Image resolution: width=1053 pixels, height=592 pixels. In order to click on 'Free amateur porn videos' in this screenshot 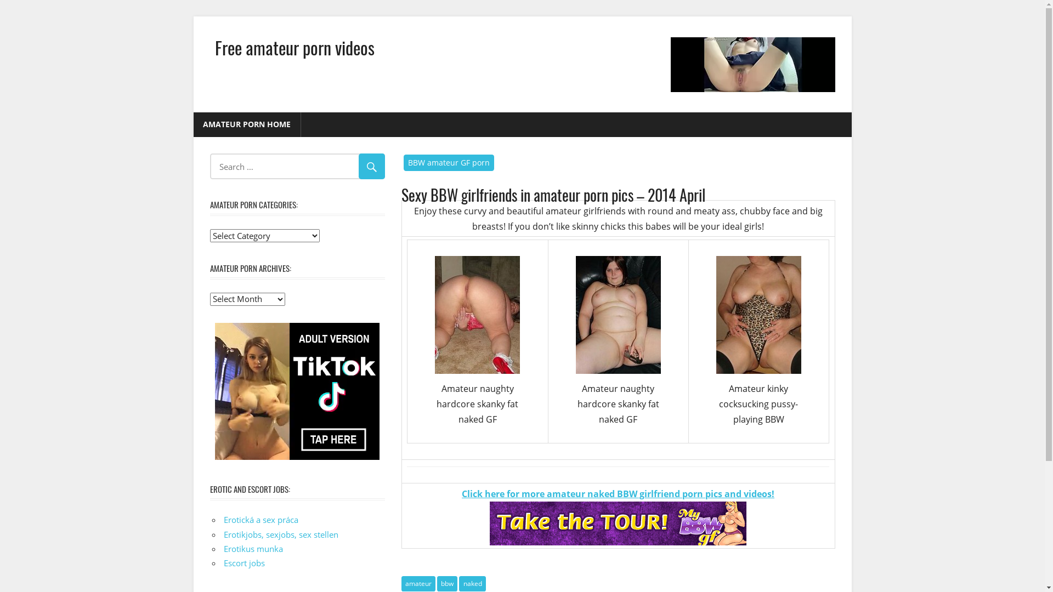, I will do `click(215, 47)`.